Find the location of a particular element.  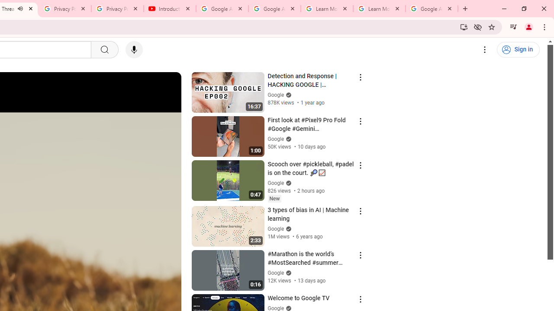

'Introduction | Google Privacy Policy - YouTube' is located at coordinates (170, 9).